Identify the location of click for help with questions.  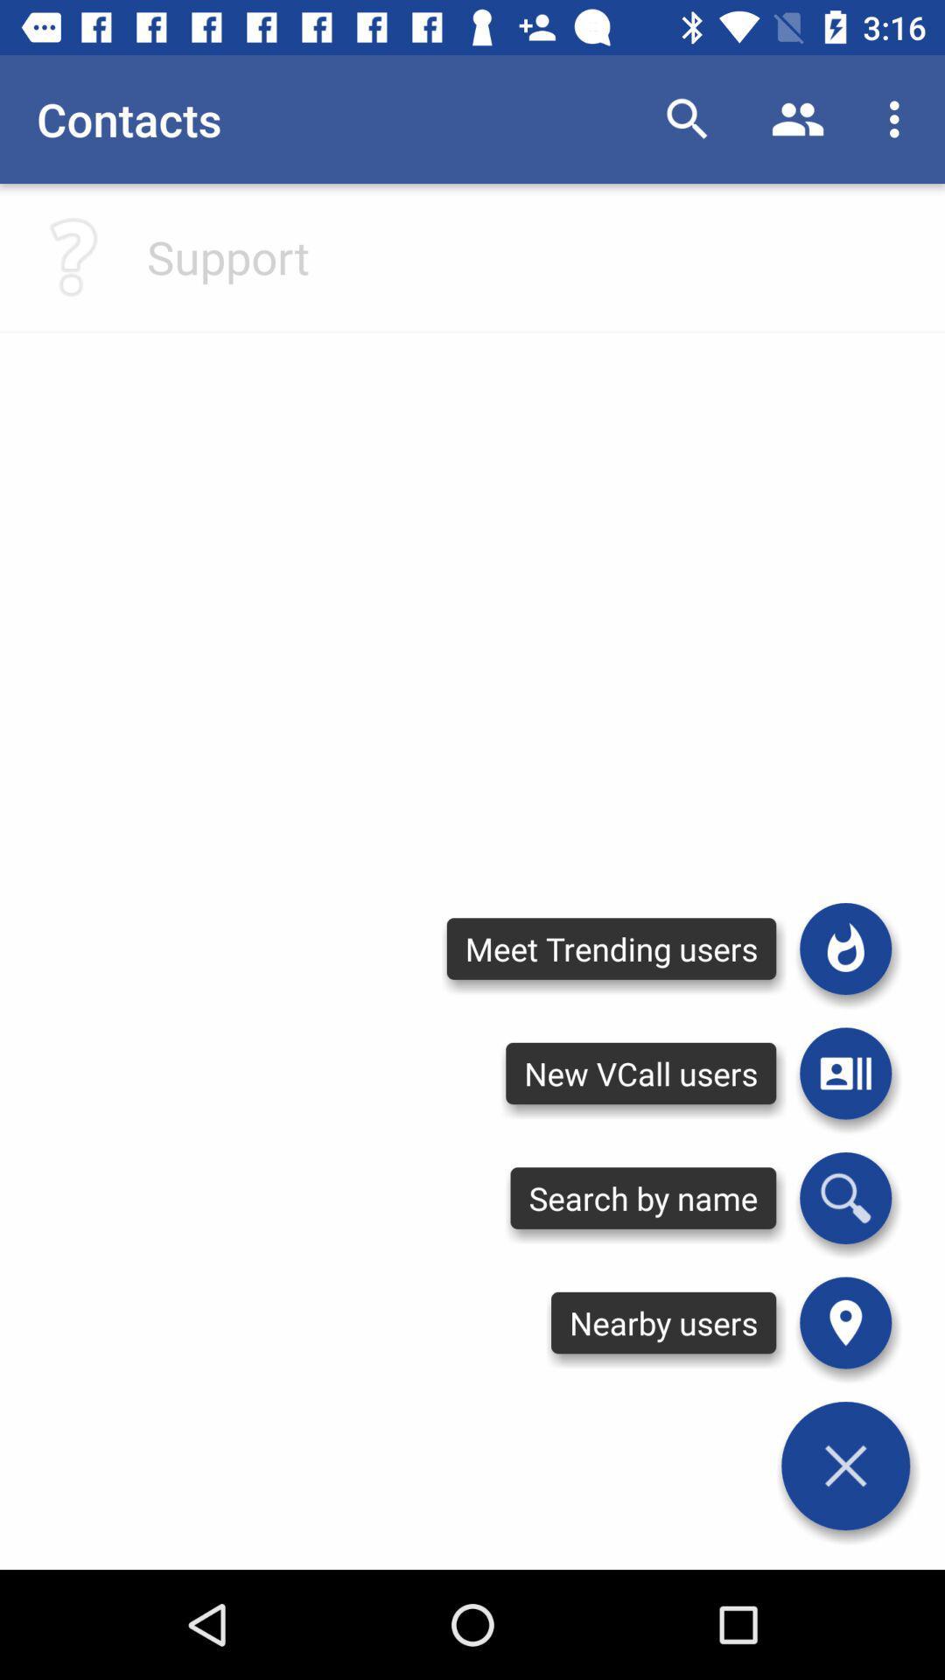
(73, 255).